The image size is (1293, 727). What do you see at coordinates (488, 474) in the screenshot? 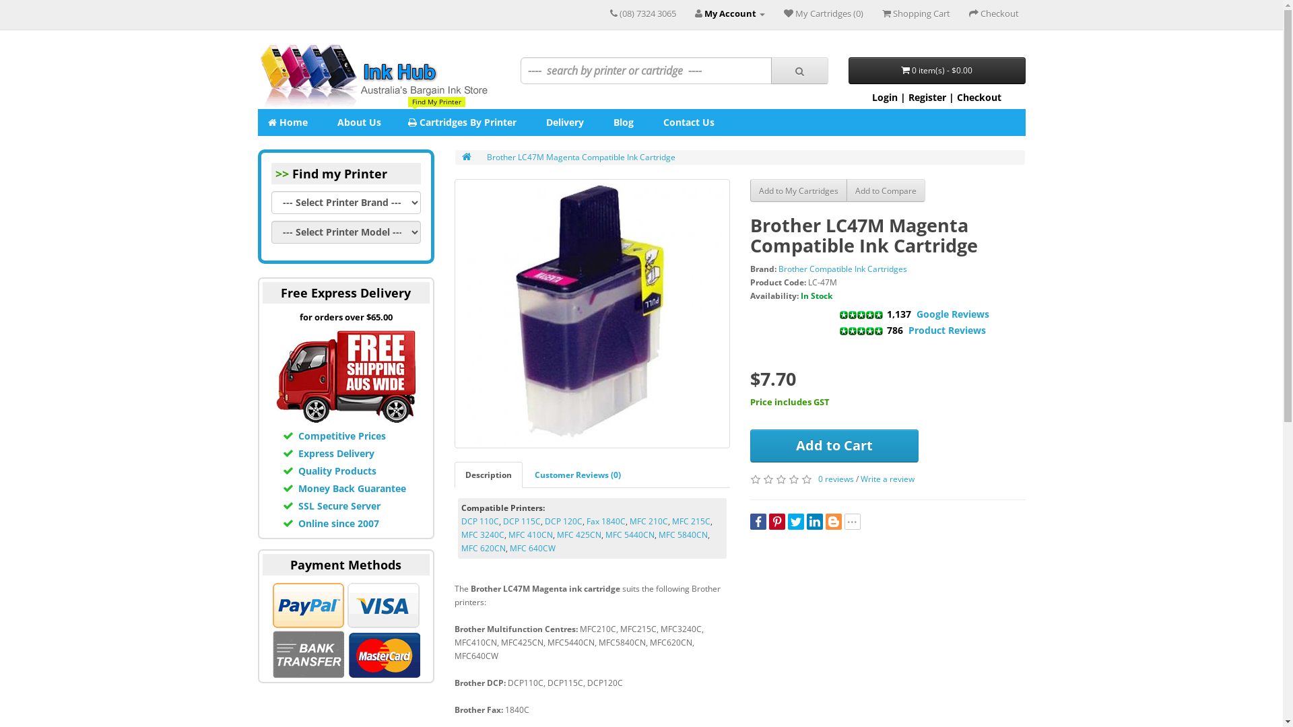
I see `'Description'` at bounding box center [488, 474].